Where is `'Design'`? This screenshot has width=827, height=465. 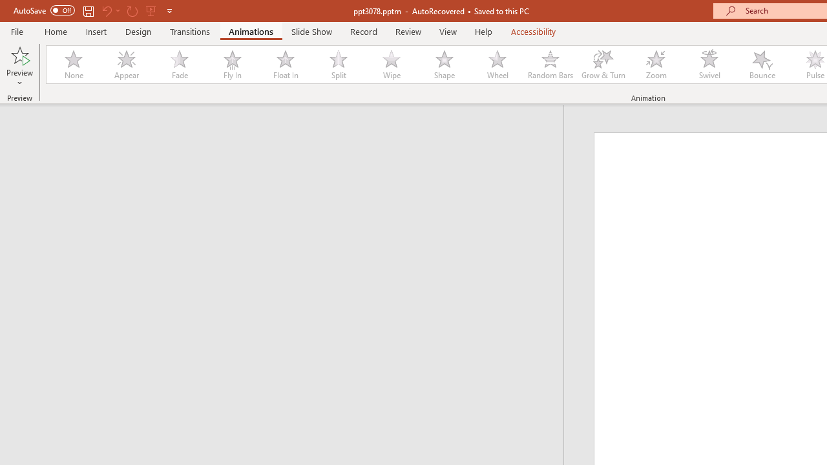
'Design' is located at coordinates (138, 31).